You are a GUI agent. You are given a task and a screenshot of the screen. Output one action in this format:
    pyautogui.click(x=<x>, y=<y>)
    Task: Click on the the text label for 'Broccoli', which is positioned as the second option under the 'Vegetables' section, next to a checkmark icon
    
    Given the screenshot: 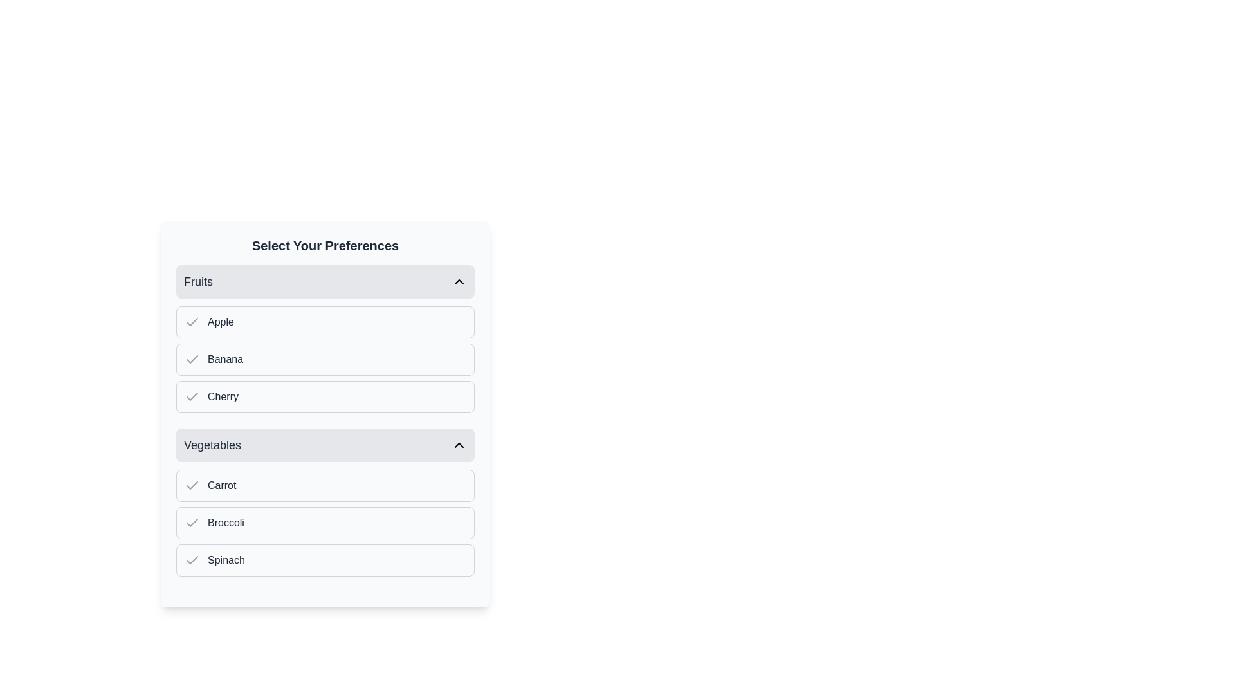 What is the action you would take?
    pyautogui.click(x=226, y=523)
    